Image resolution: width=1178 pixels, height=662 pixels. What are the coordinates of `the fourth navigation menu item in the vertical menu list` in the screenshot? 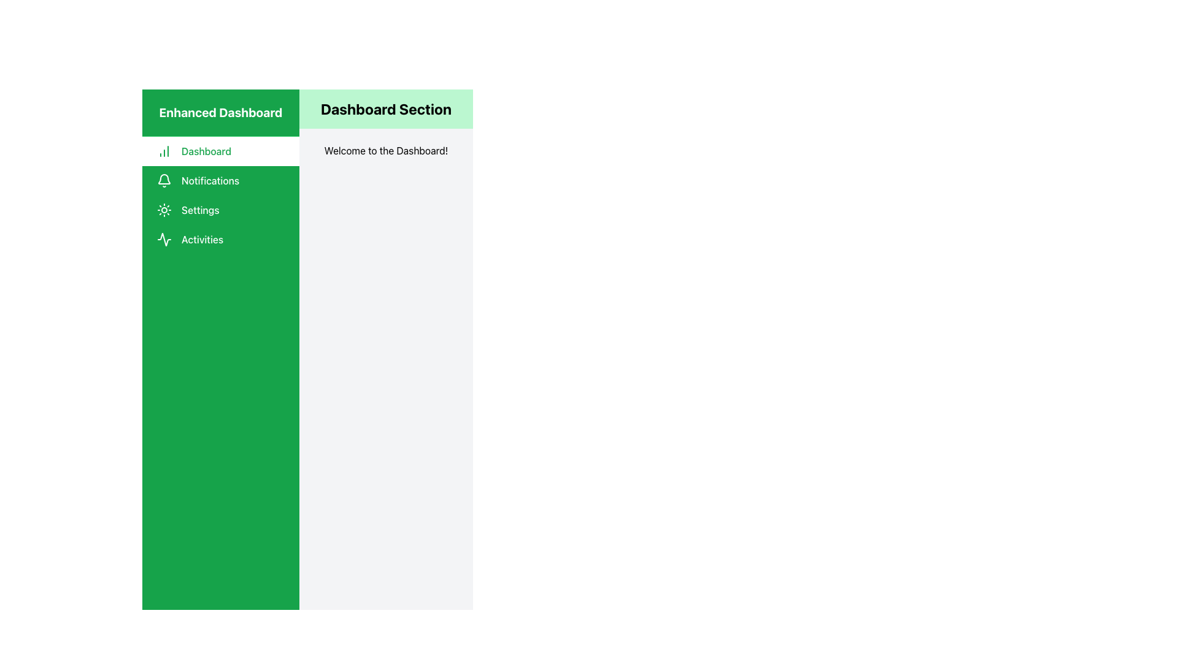 It's located at (221, 239).